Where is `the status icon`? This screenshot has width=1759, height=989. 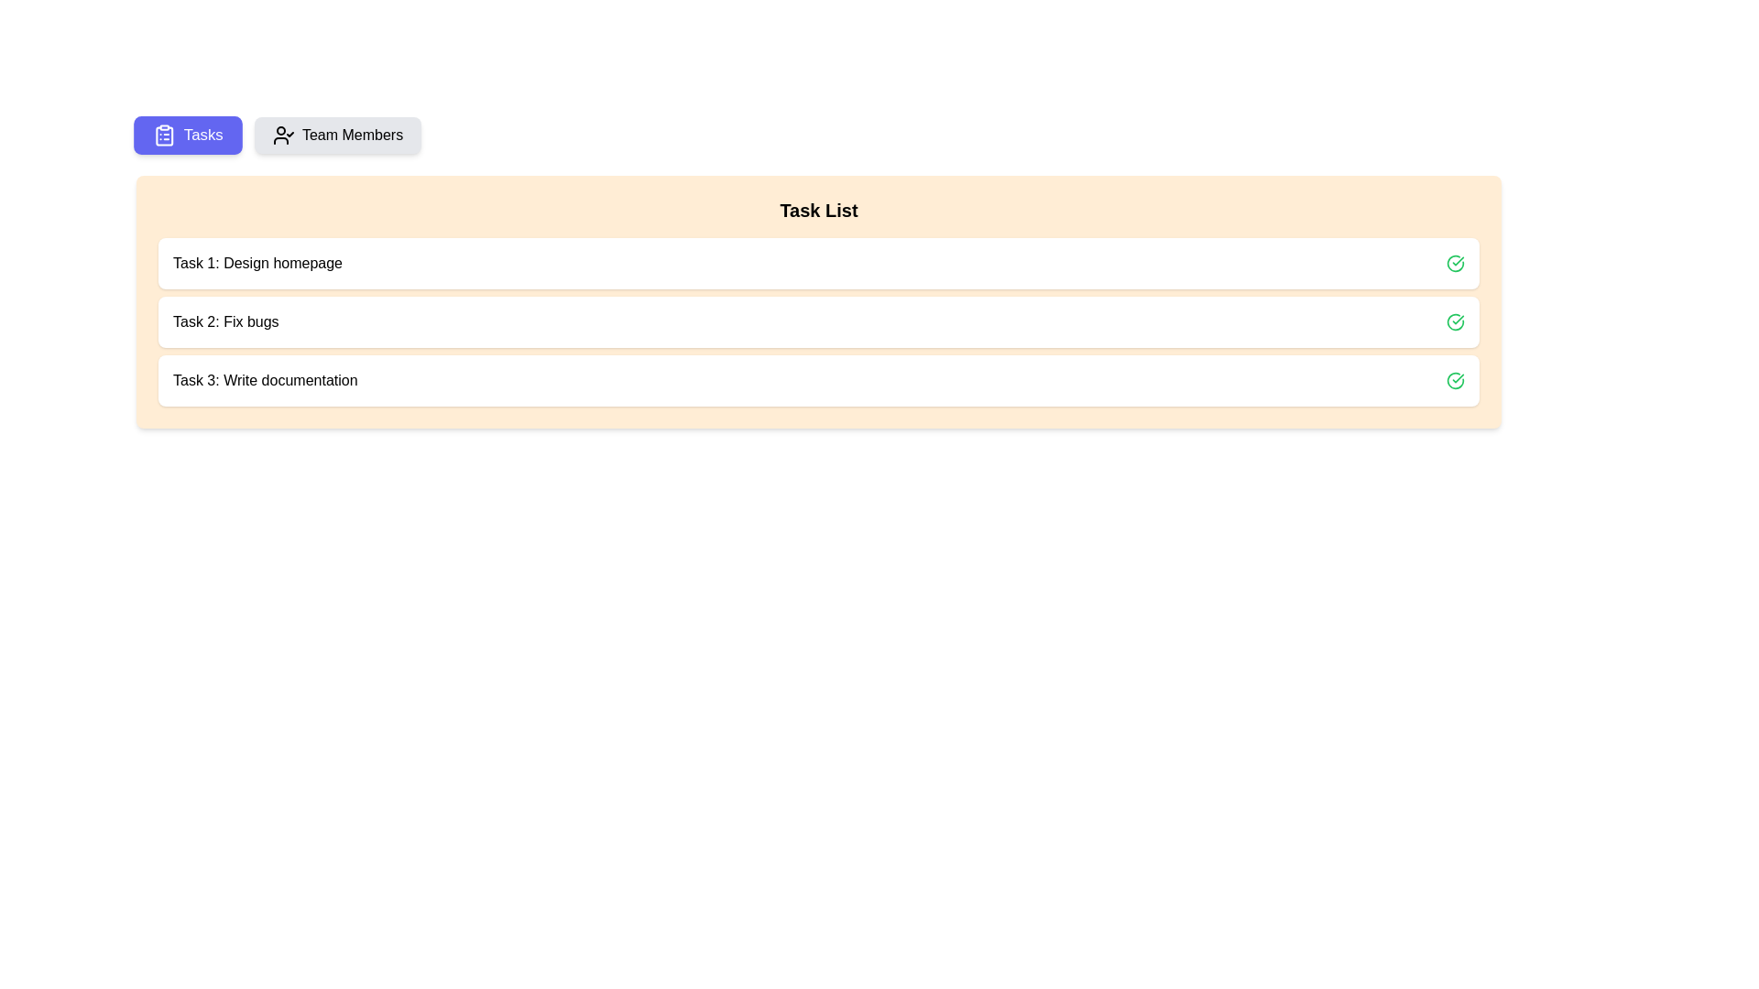
the status icon is located at coordinates (1454, 321).